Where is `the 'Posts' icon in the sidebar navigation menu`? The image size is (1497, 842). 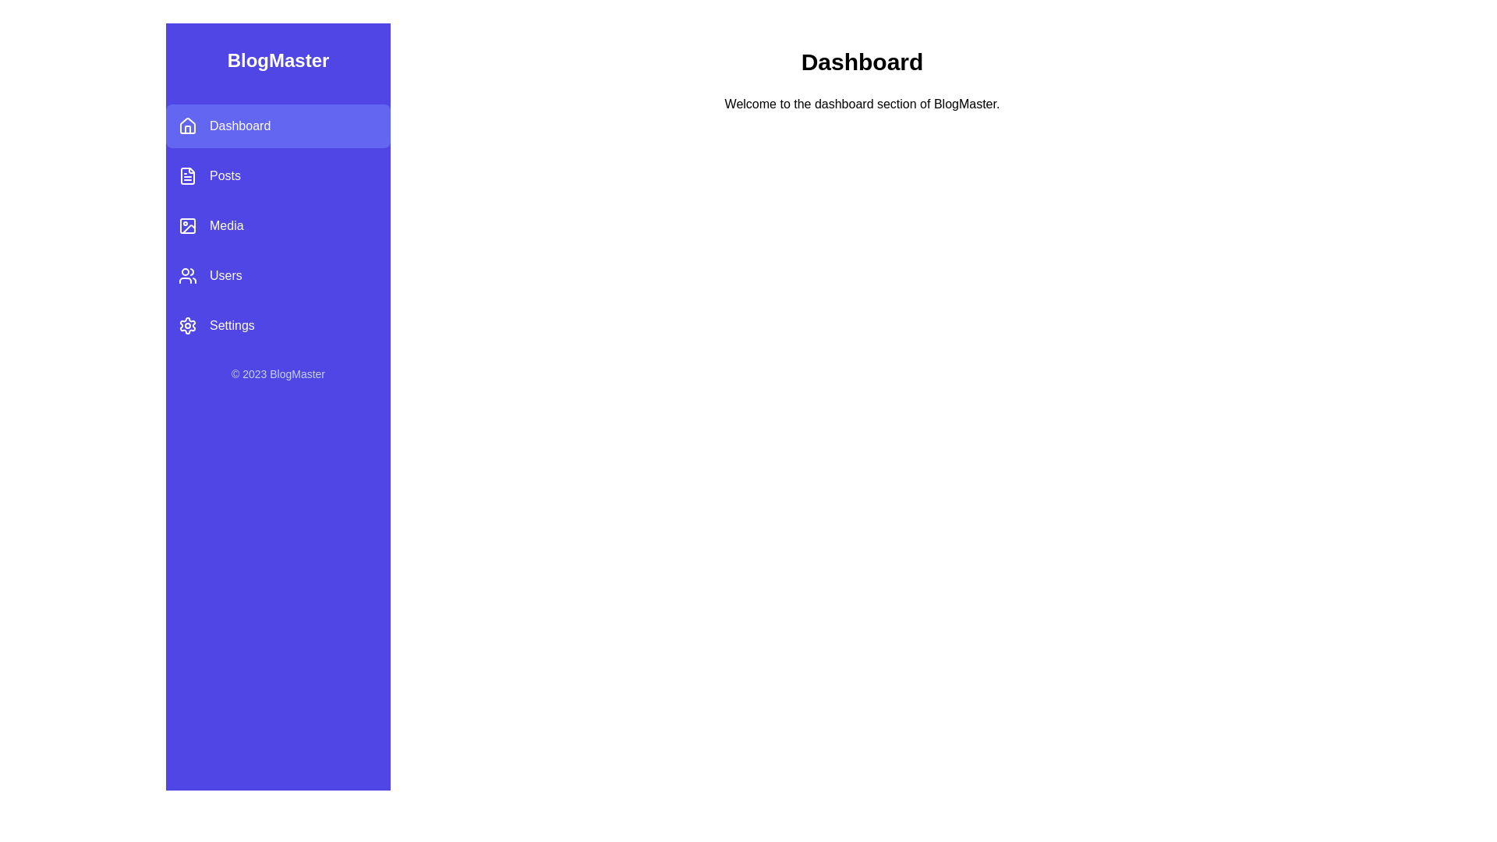 the 'Posts' icon in the sidebar navigation menu is located at coordinates (187, 175).